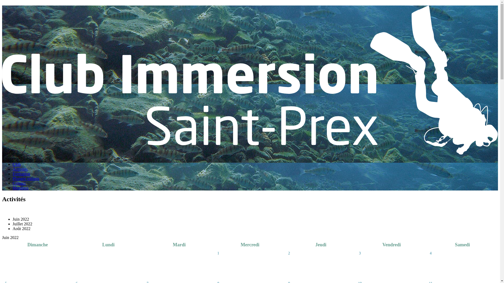 The image size is (504, 283). Describe the element at coordinates (20, 188) in the screenshot. I see `'Membres'` at that location.